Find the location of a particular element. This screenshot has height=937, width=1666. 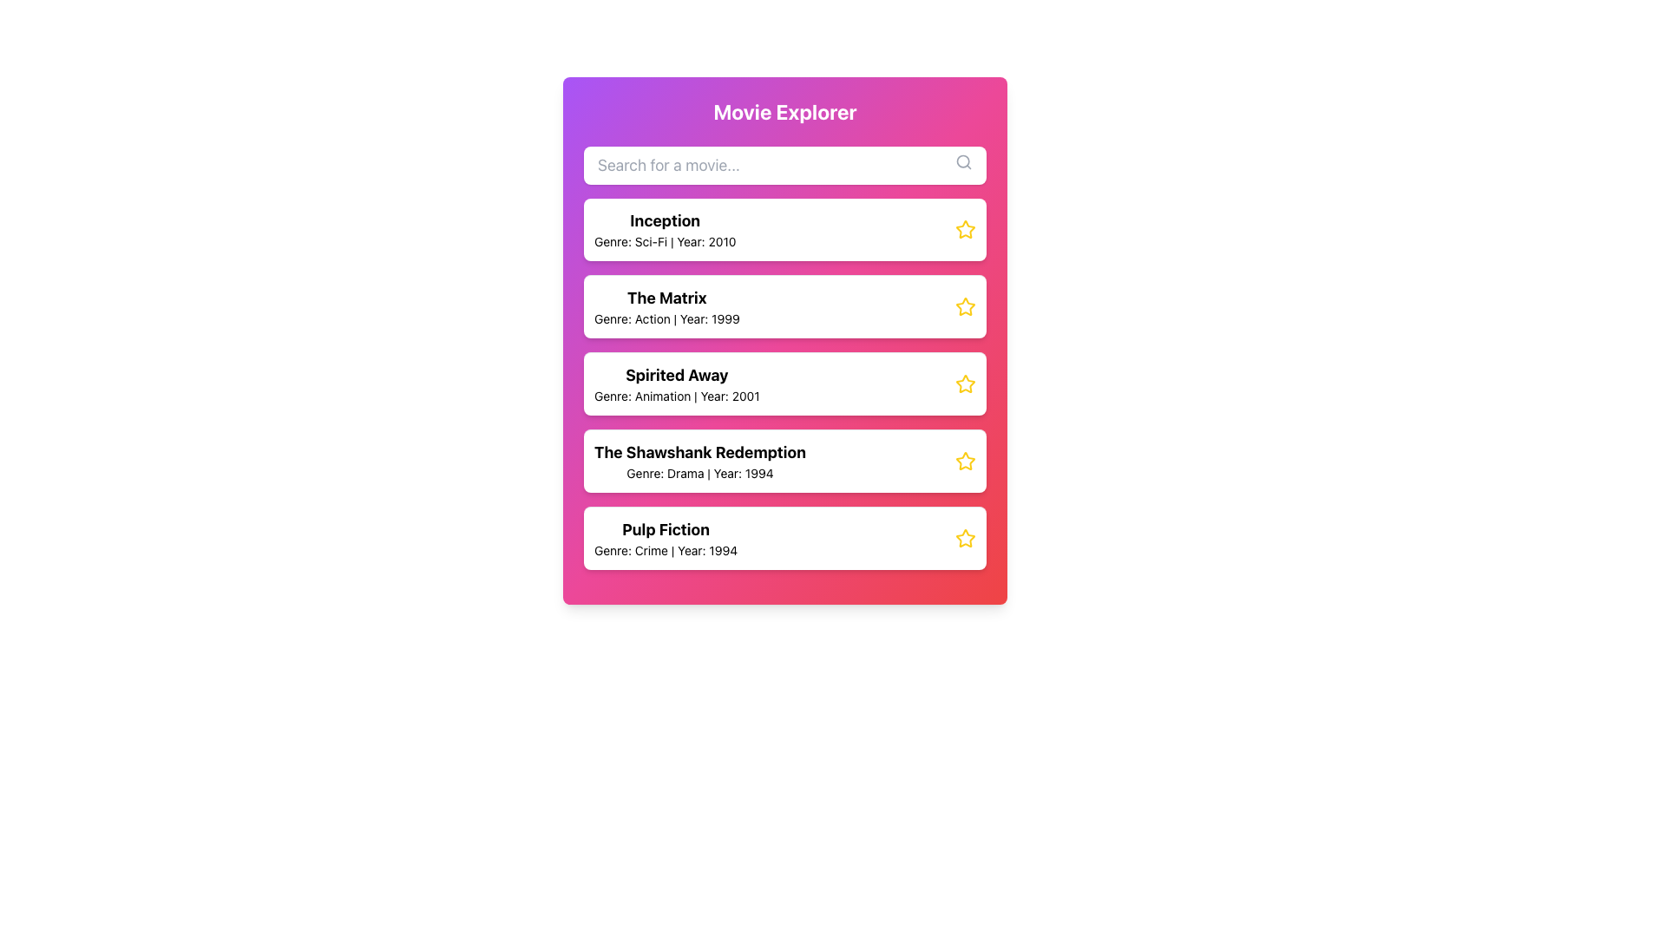

the static text element that provides details about the movie 'Spirited Away', specifically the genre and release year, which is positioned directly below the title is located at coordinates (676, 396).